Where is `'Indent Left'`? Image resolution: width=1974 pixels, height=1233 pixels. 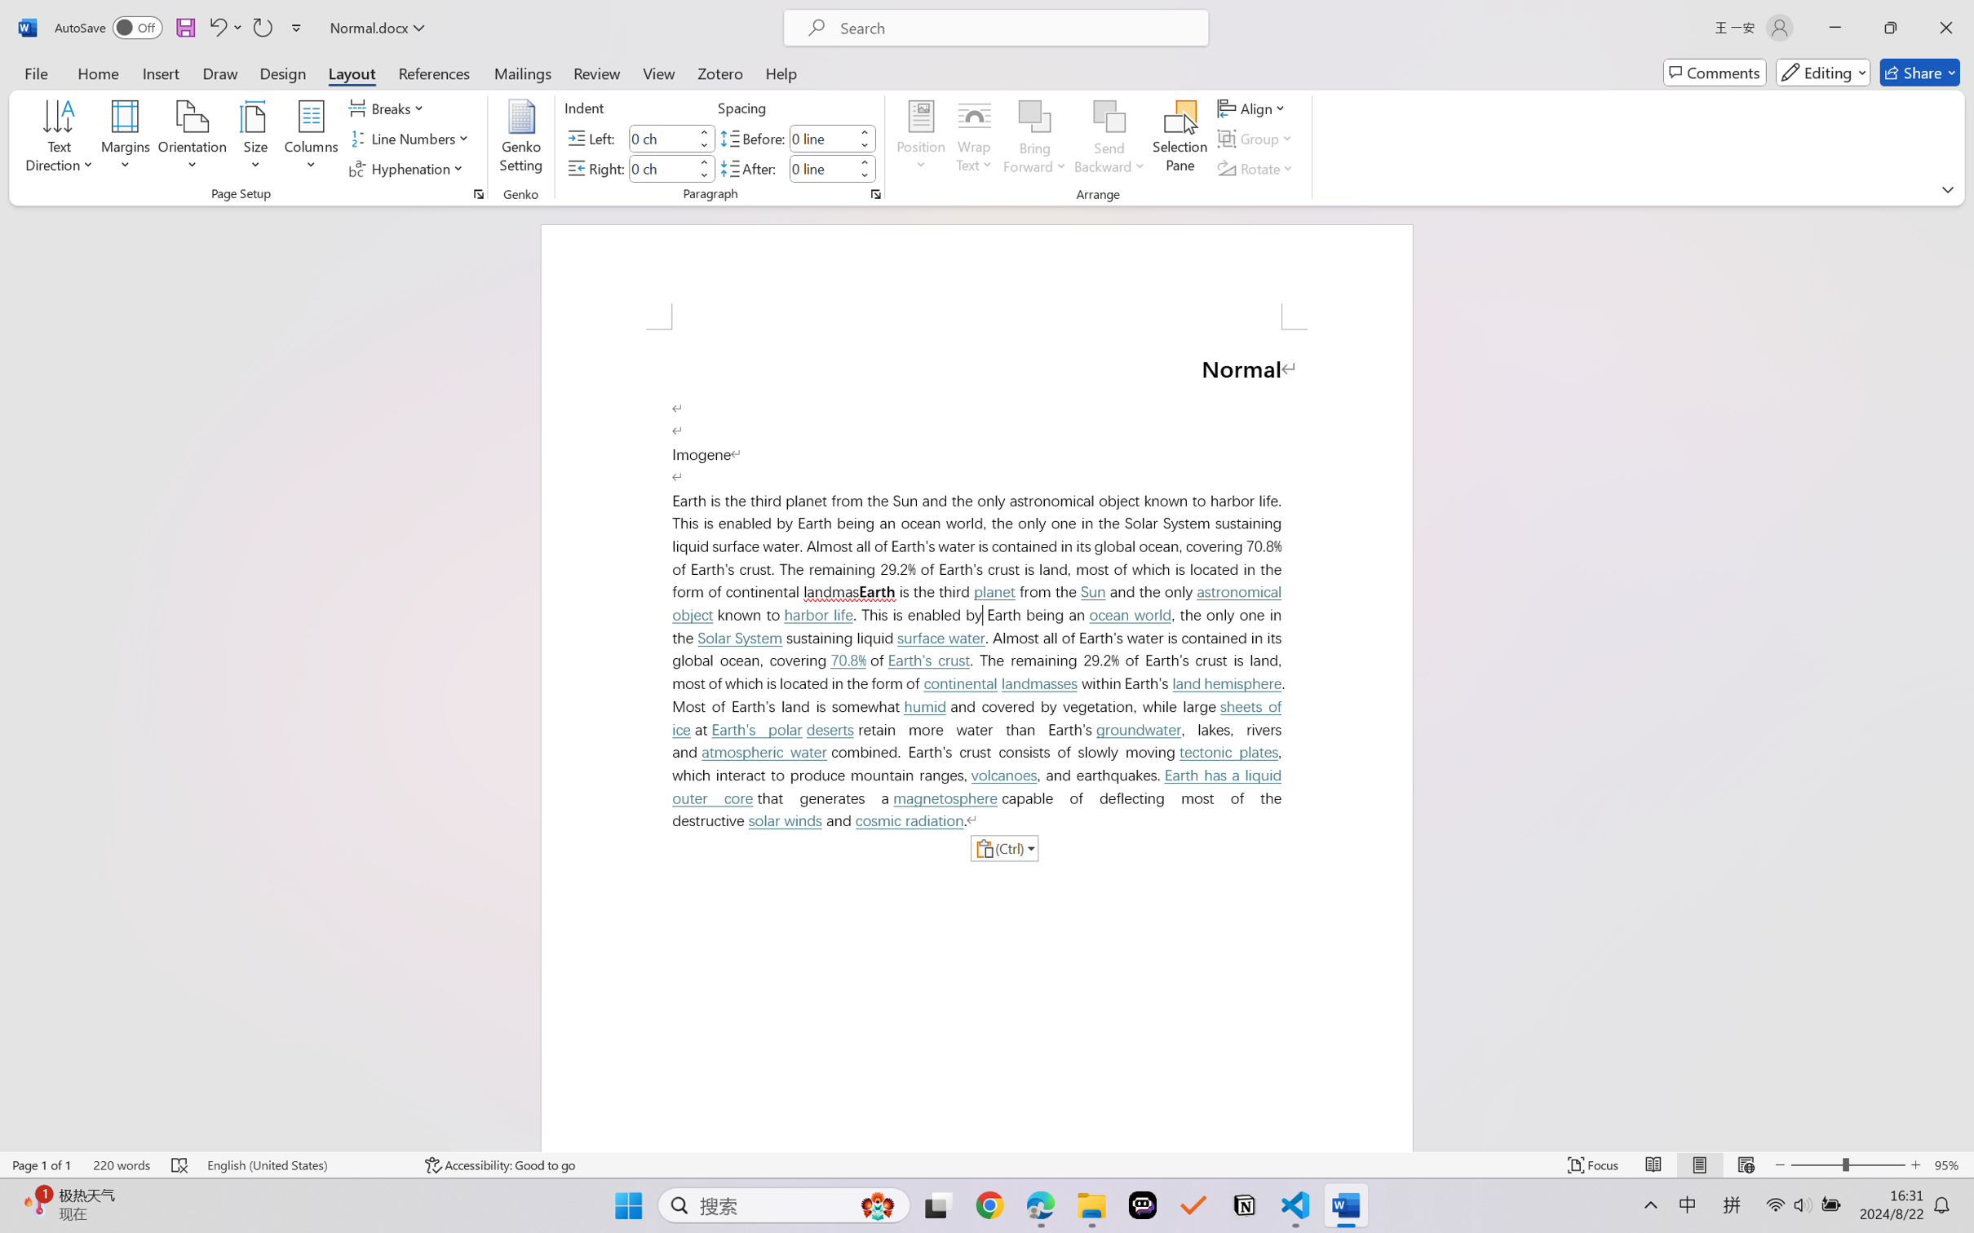 'Indent Left' is located at coordinates (661, 137).